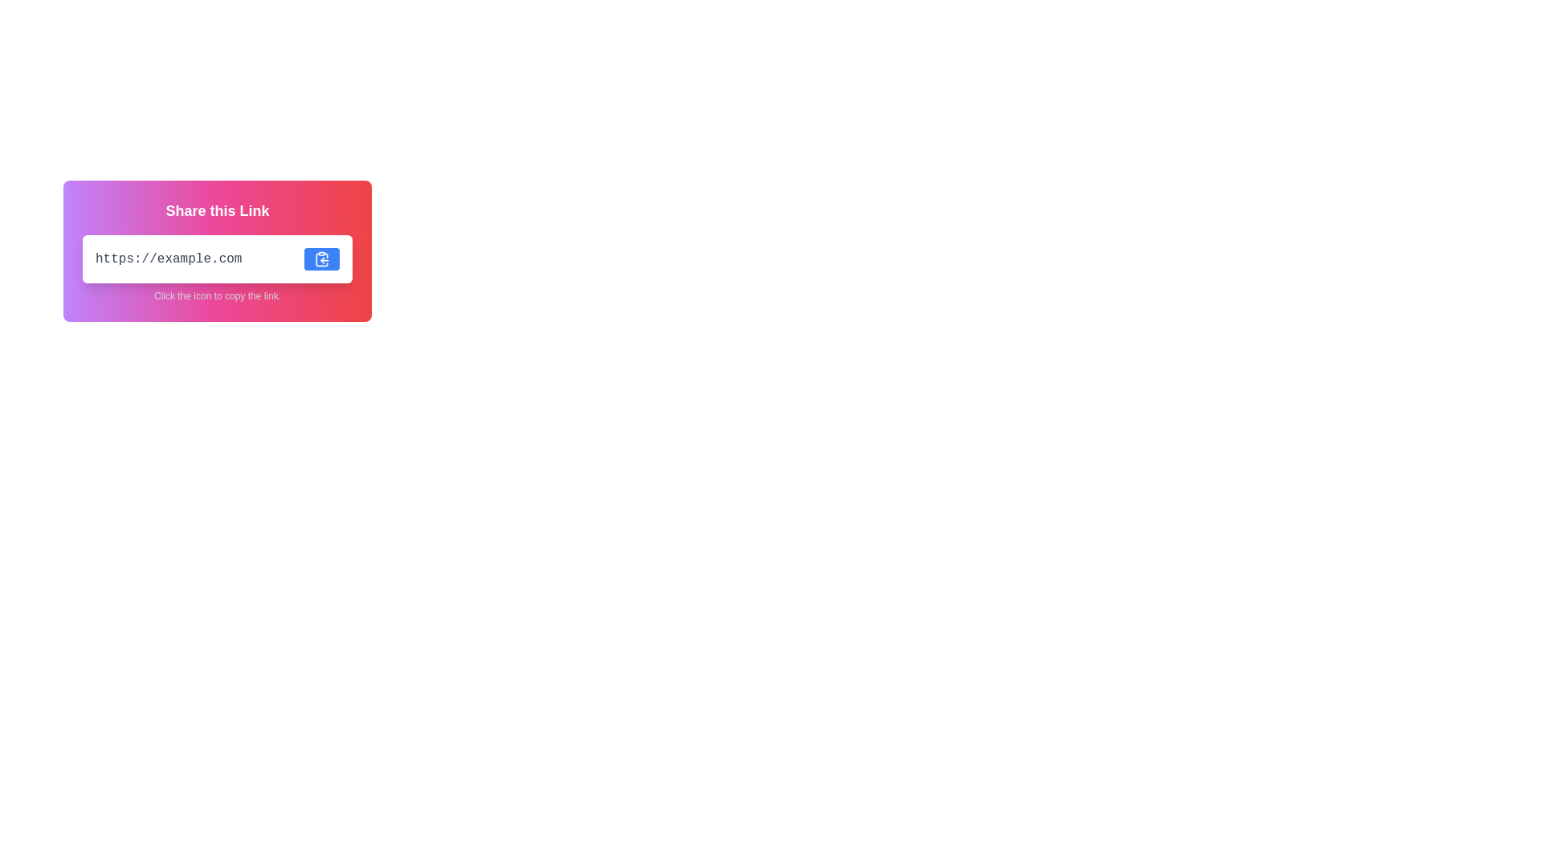  What do you see at coordinates (321, 258) in the screenshot?
I see `the icon button located in the top-right corner of the 'Share this Link' card interface` at bounding box center [321, 258].